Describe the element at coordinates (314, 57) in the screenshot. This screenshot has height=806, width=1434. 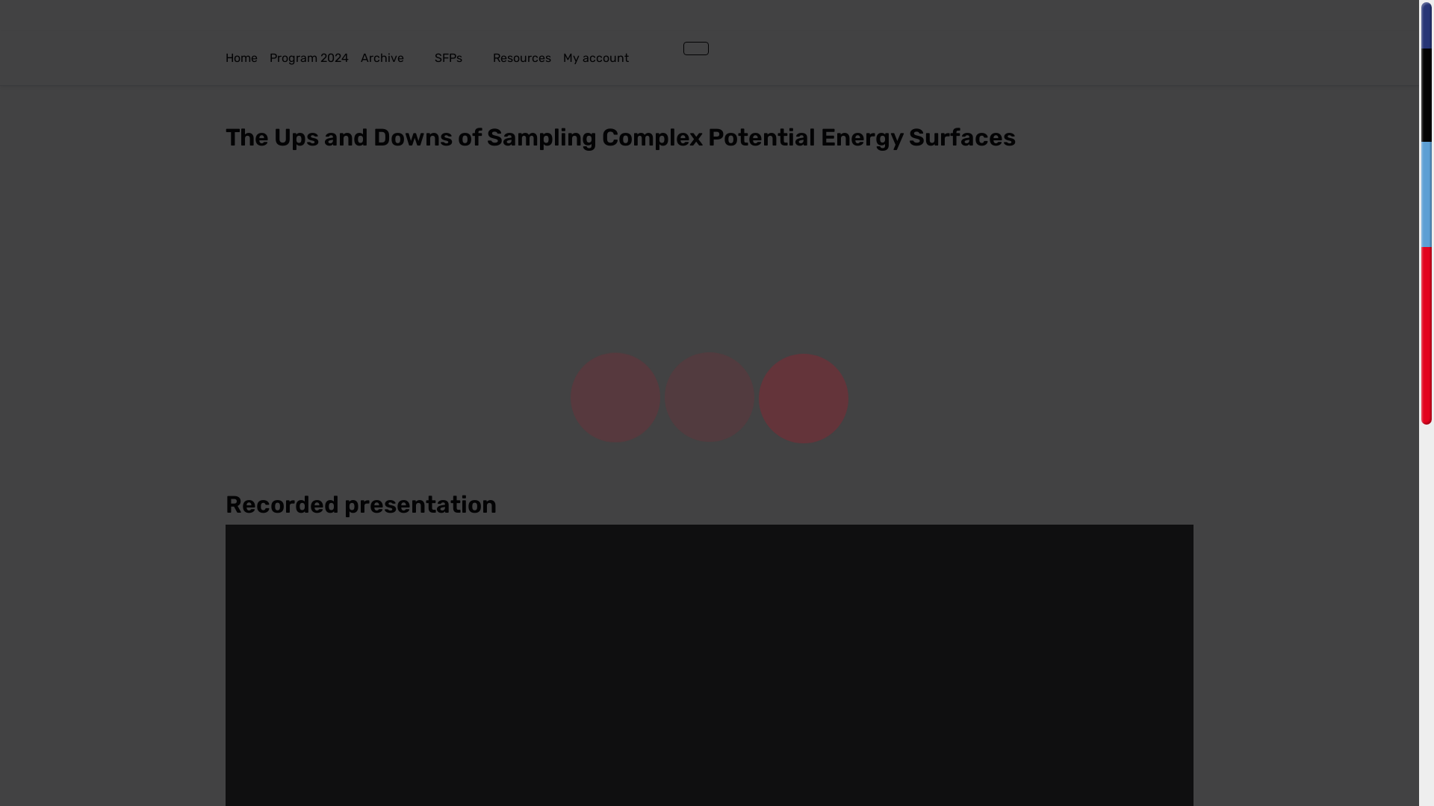
I see `'Program 2024'` at that location.